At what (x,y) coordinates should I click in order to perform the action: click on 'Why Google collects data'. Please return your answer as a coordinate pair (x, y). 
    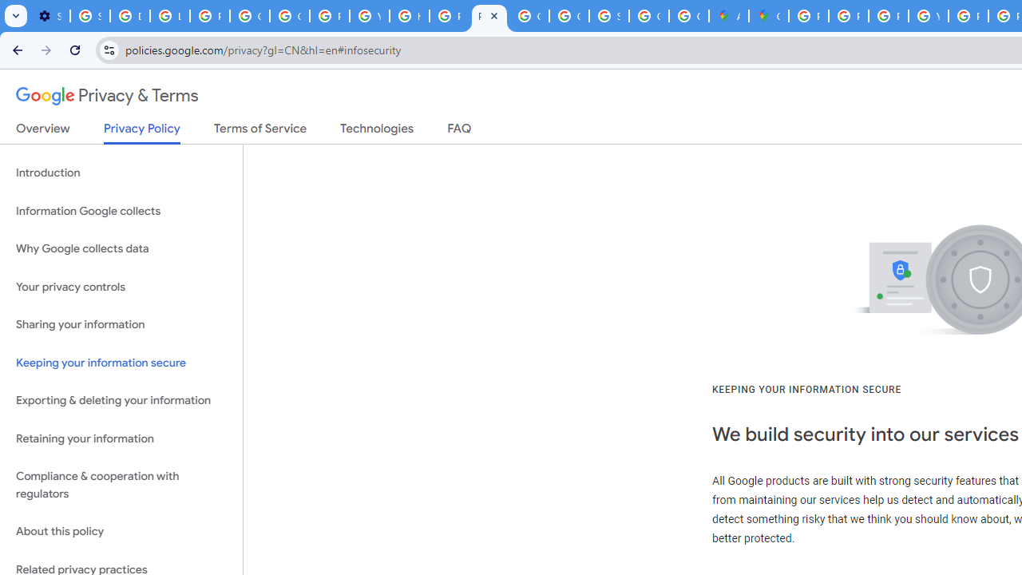
    Looking at the image, I should click on (121, 249).